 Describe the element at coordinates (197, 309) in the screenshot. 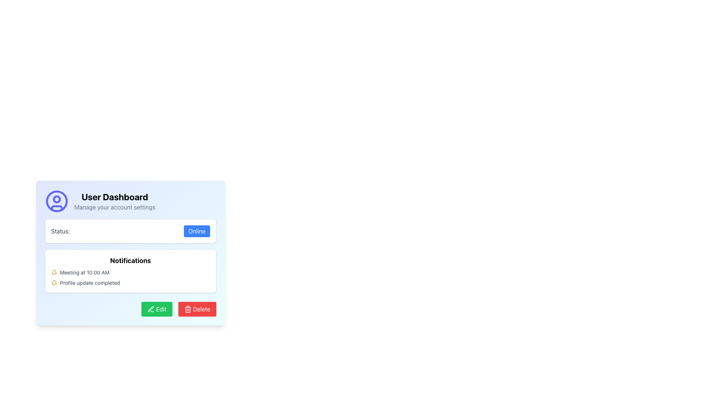

I see `the 'Delete' button with a red background and white text` at that location.